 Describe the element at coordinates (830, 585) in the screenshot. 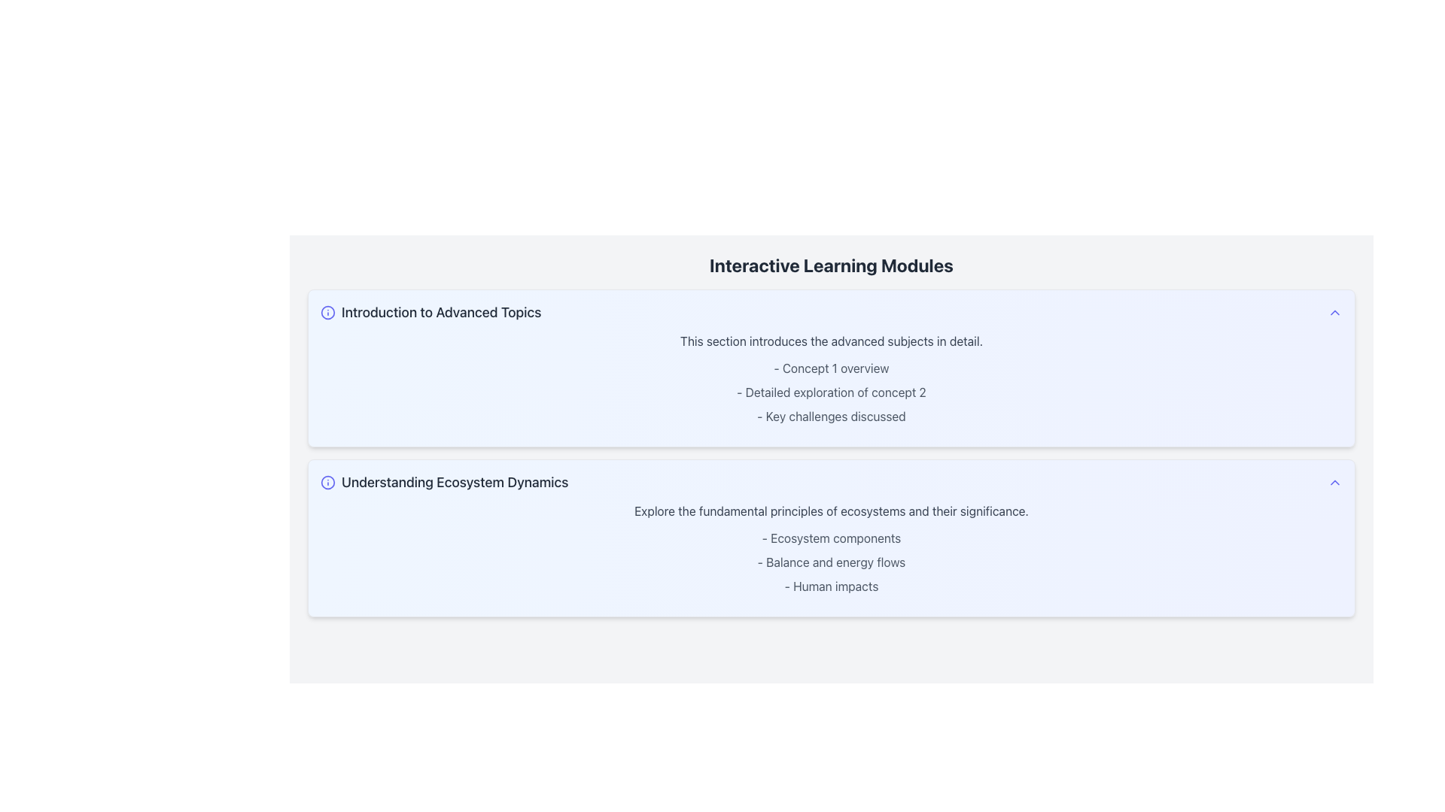

I see `the text element displaying '- Human impacts' in gray color, which is the third item in the bulleted list under 'Understanding Ecosystem Dynamics'` at that location.